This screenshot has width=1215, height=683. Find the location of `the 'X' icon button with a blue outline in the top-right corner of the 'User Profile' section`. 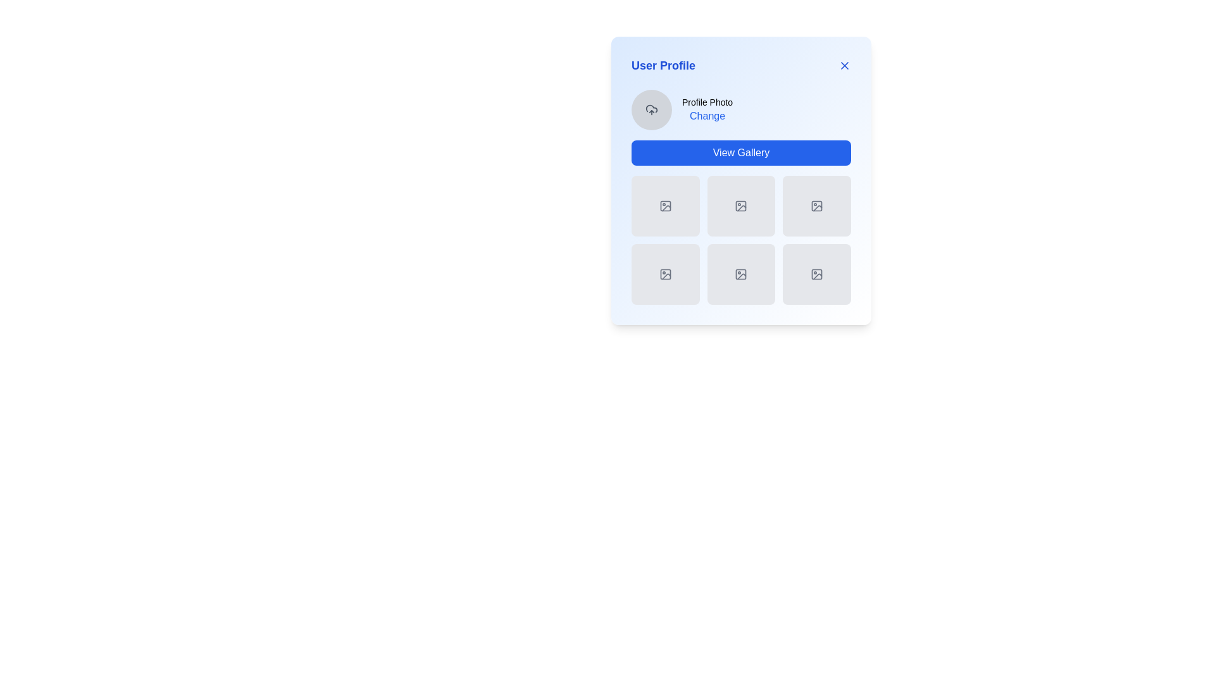

the 'X' icon button with a blue outline in the top-right corner of the 'User Profile' section is located at coordinates (844, 66).